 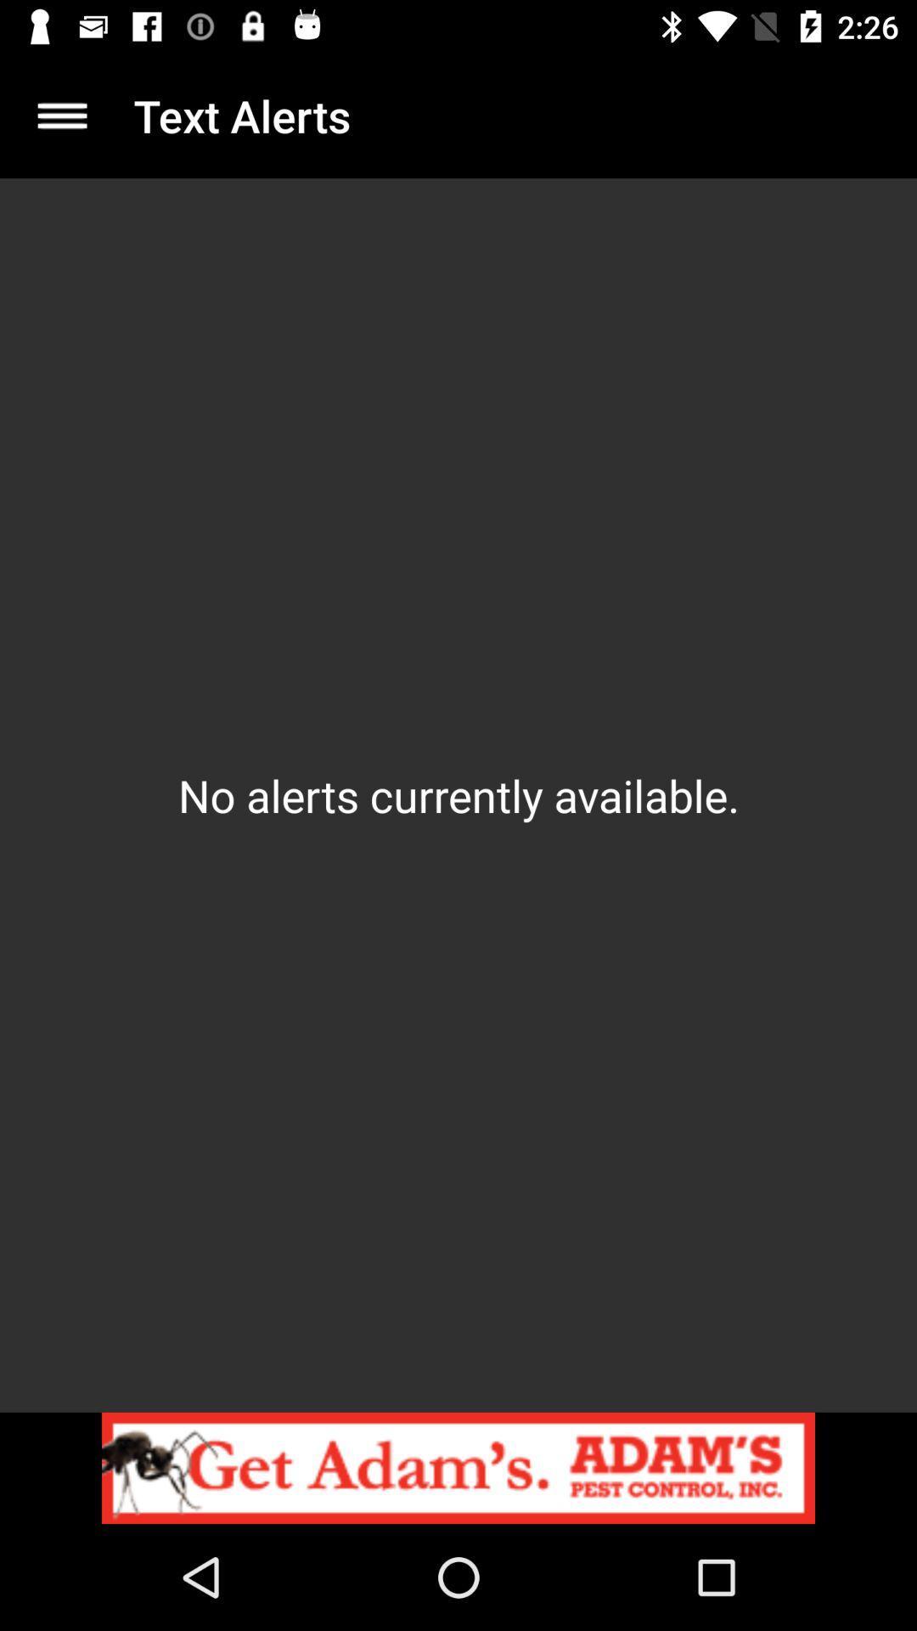 I want to click on the app to the left of the text alerts, so click(x=61, y=115).